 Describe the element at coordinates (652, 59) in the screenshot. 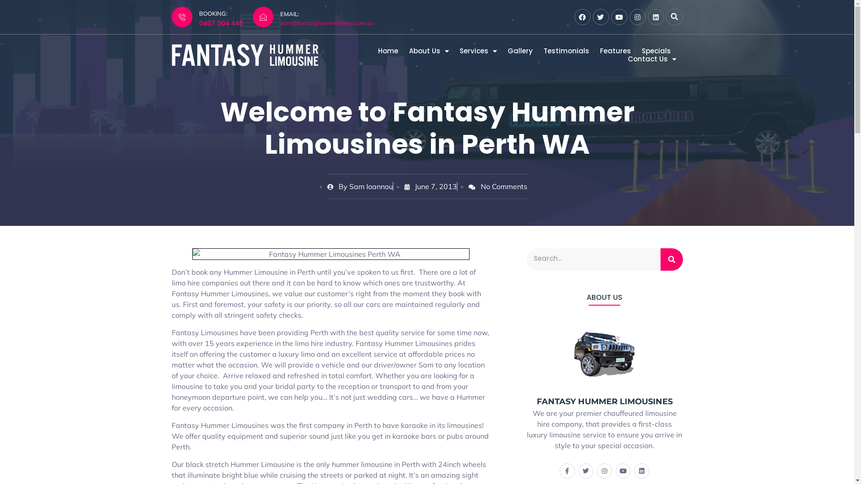

I see `'Contact Us'` at that location.